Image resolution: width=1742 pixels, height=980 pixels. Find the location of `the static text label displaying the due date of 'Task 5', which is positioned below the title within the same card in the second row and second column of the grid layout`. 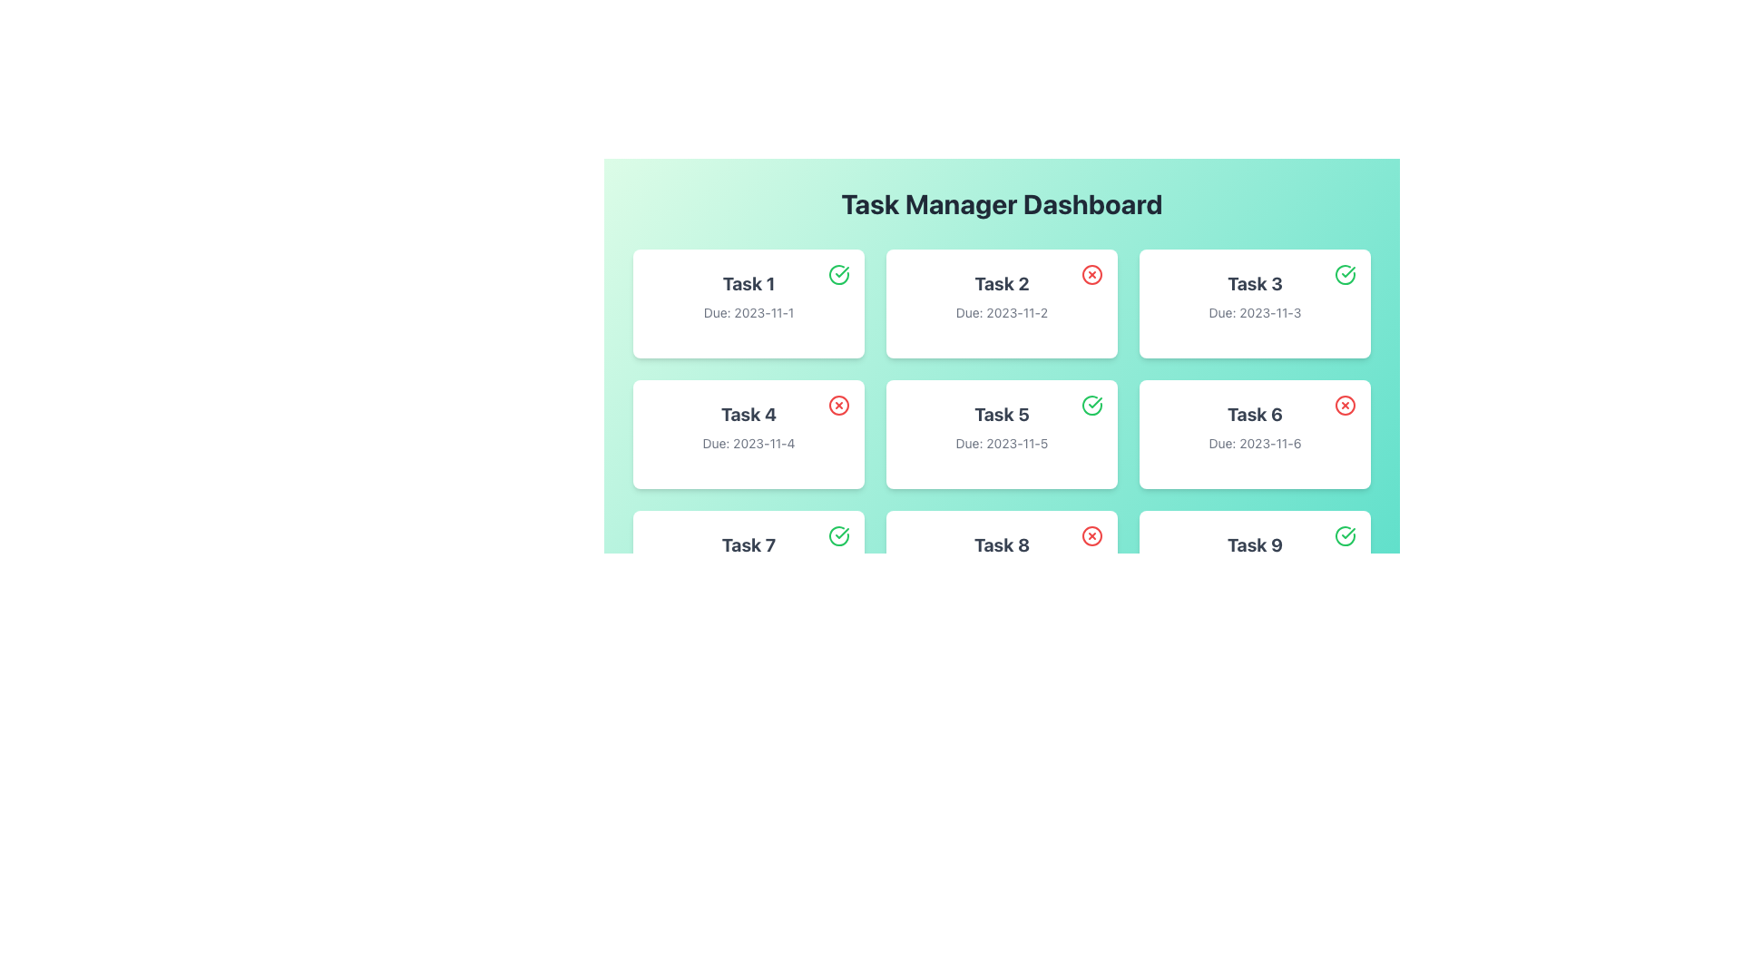

the static text label displaying the due date of 'Task 5', which is positioned below the title within the same card in the second row and second column of the grid layout is located at coordinates (1001, 444).